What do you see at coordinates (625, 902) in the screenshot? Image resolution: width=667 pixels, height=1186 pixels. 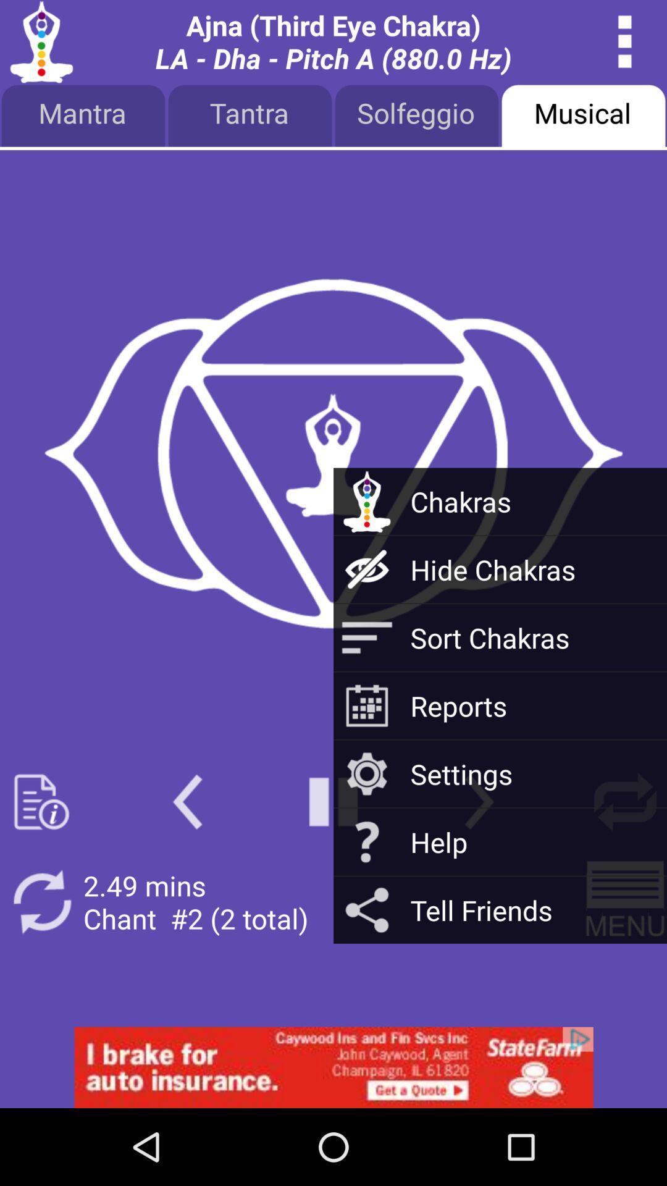 I see `menu page` at bounding box center [625, 902].